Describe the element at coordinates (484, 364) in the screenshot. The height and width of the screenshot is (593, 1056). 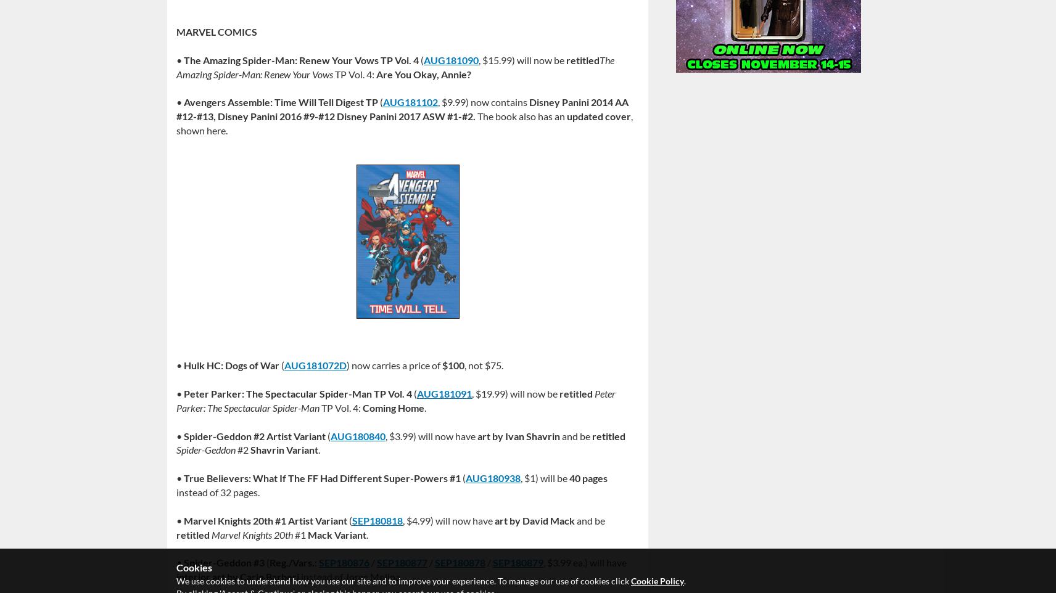
I see `', not $75.'` at that location.